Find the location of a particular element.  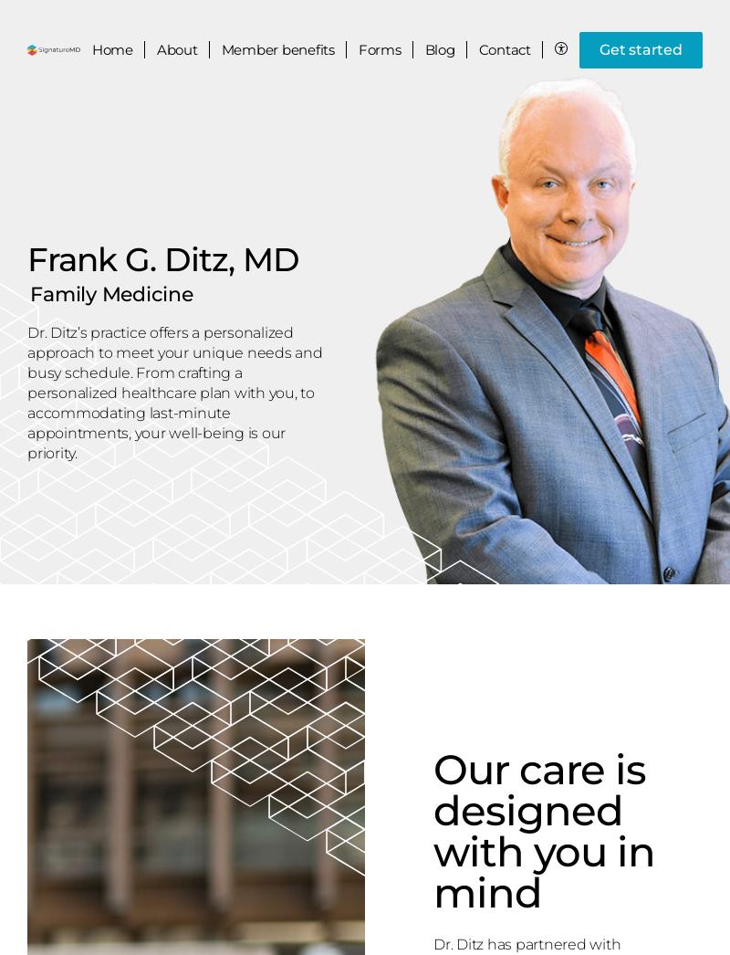

'Dr. Ditz’s practice offers a personalized approach to meet your unique needs and busy schedule. From crafting a personalized healthcare plan with you, to accommodating last-minute appointments, your well-being is our priority.' is located at coordinates (173, 391).